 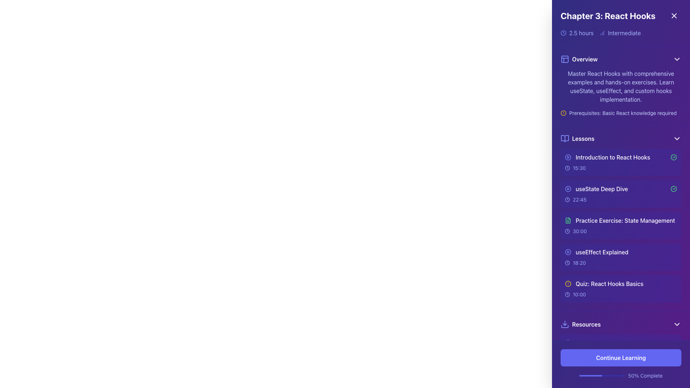 I want to click on the lesson entry titled 'Introduction to React Hooks' located in the Lessons section, so click(x=621, y=157).